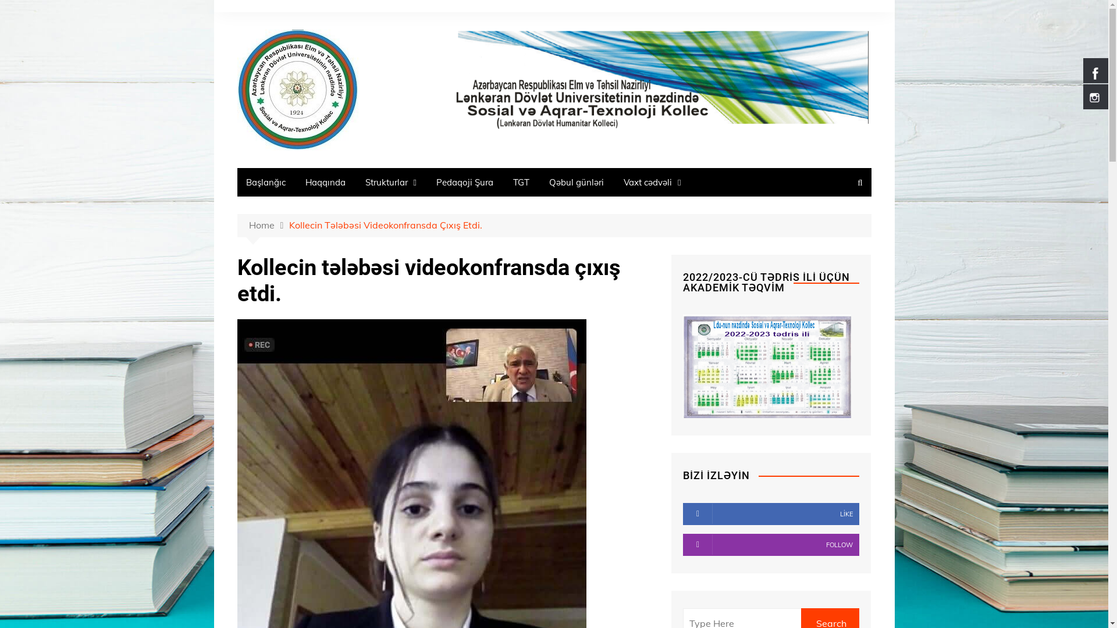 This screenshot has width=1117, height=628. I want to click on 'TGT', so click(521, 182).